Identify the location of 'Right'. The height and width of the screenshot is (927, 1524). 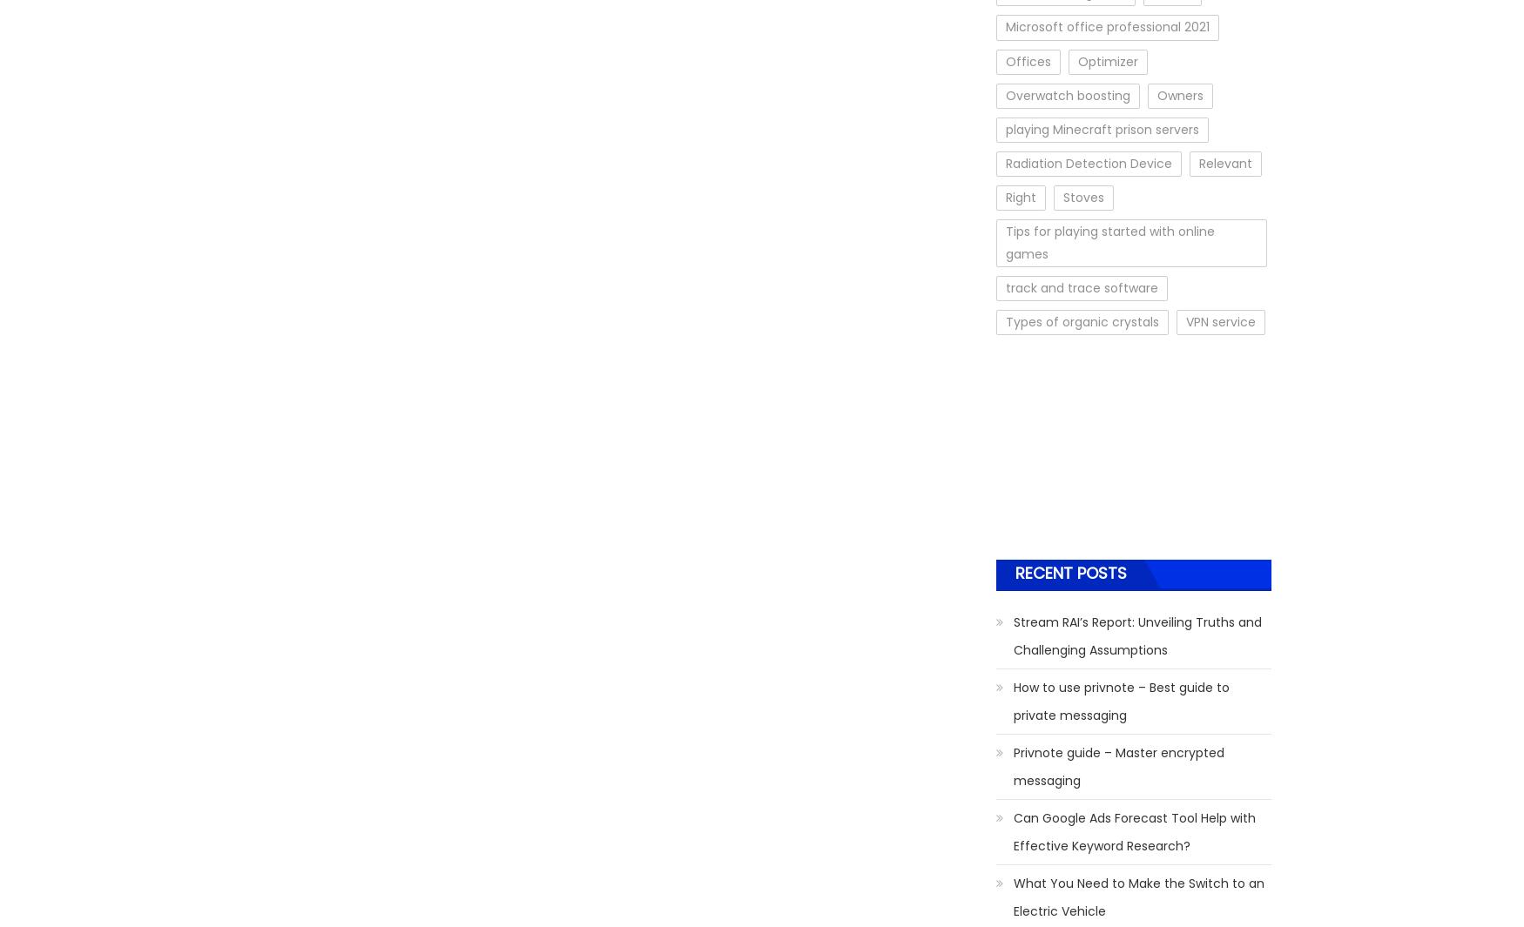
(1020, 196).